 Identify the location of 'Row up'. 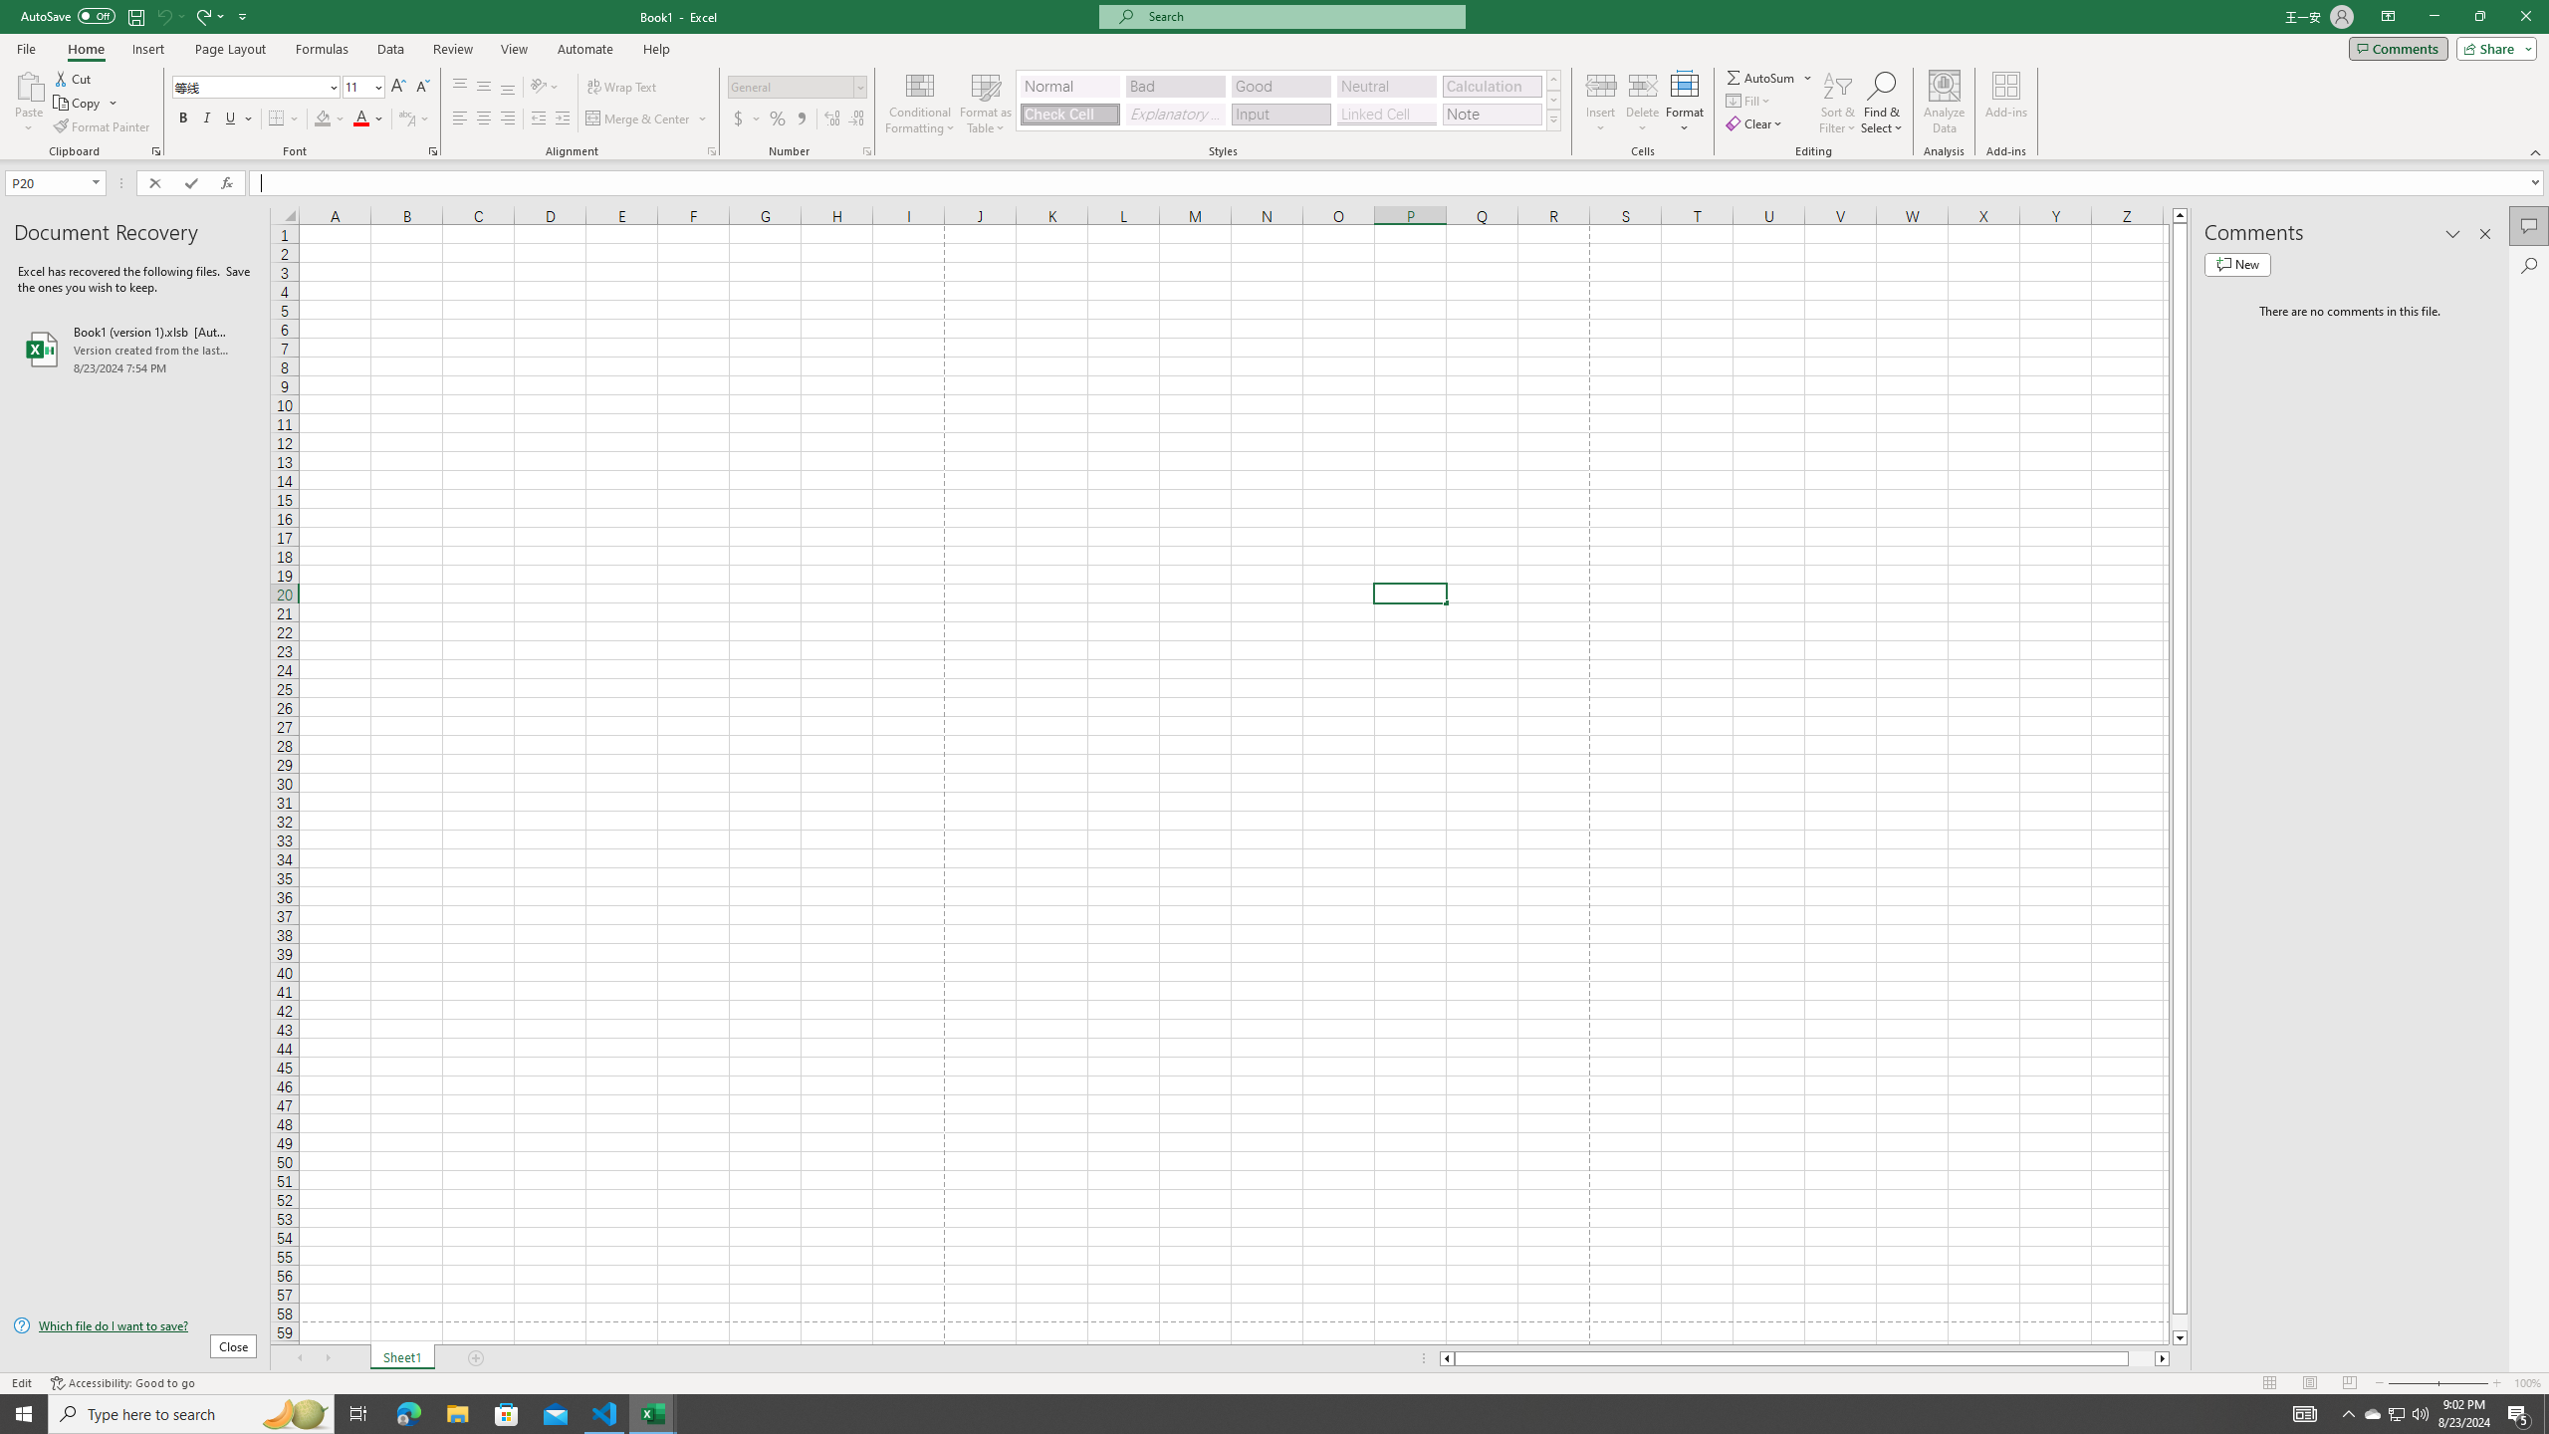
(1553, 80).